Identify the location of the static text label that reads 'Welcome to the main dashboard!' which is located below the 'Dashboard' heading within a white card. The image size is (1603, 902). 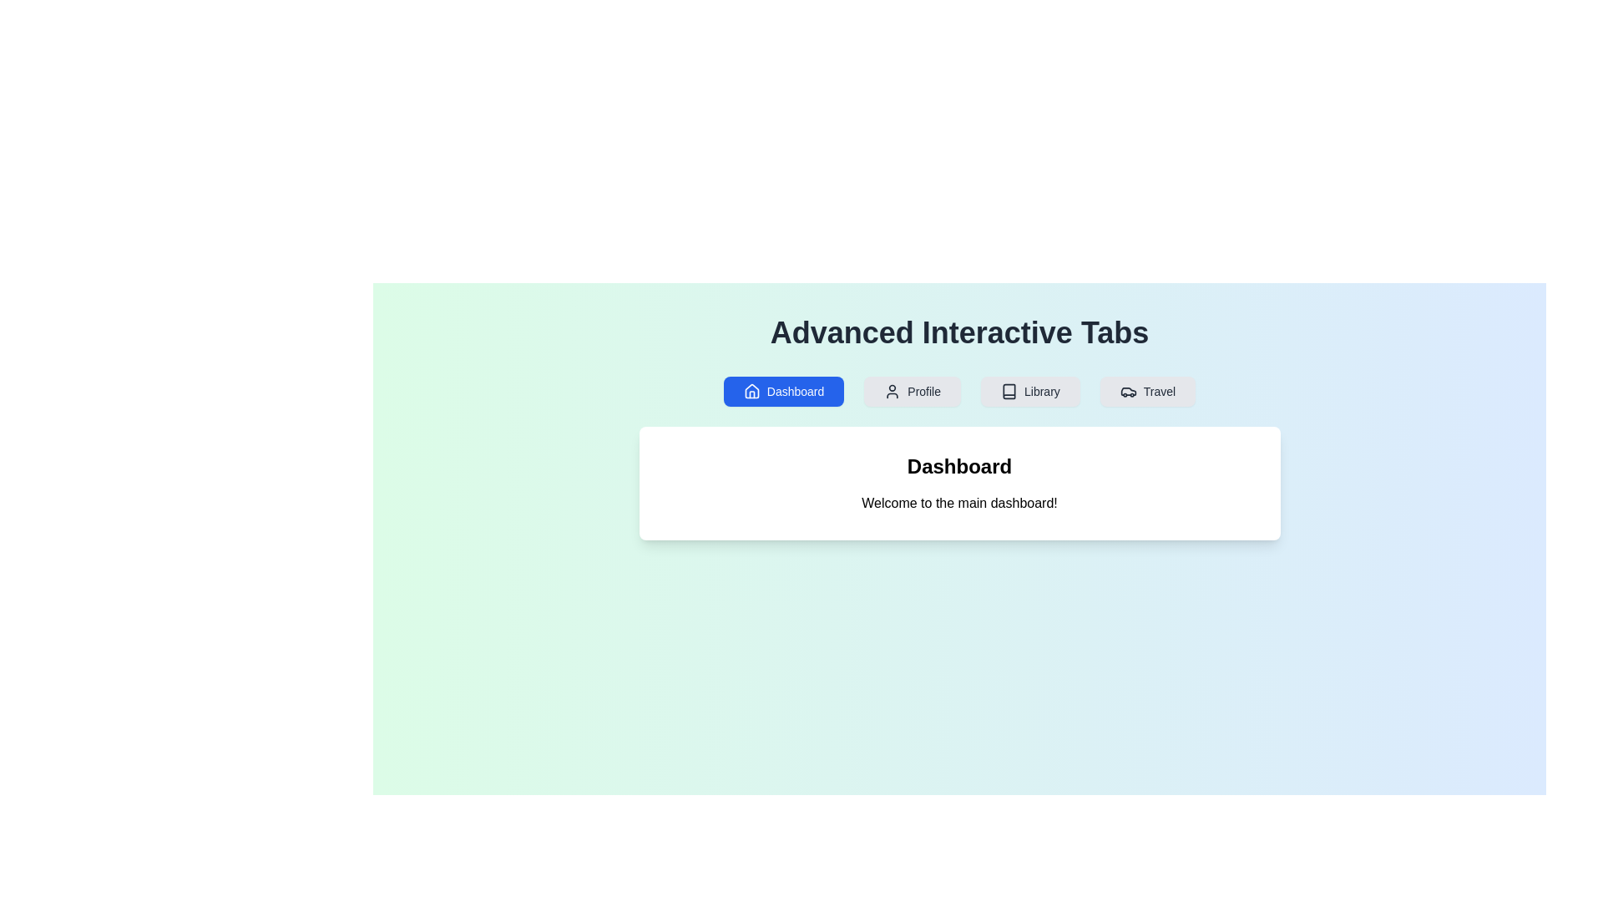
(959, 502).